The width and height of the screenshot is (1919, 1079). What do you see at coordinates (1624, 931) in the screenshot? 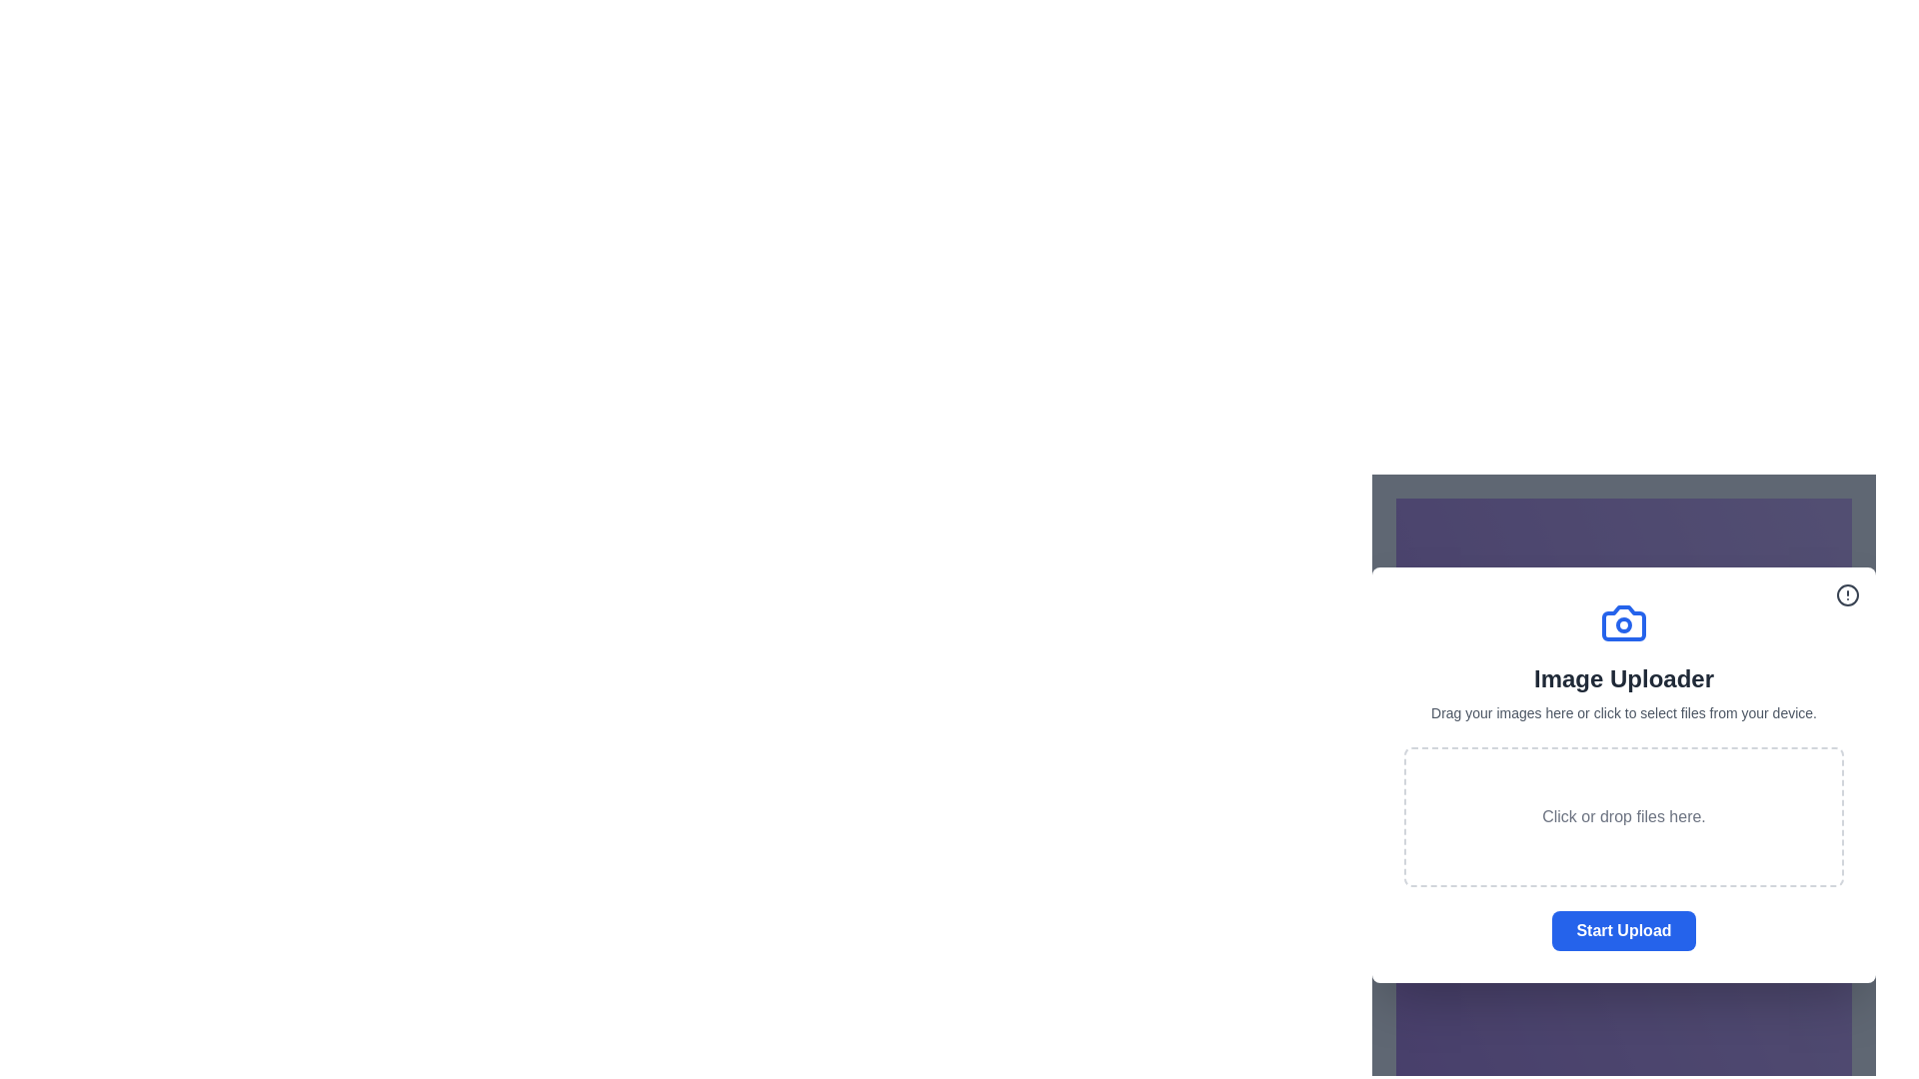
I see `the rectangular button with a blue background and white text that reads 'Start Upload'` at bounding box center [1624, 931].